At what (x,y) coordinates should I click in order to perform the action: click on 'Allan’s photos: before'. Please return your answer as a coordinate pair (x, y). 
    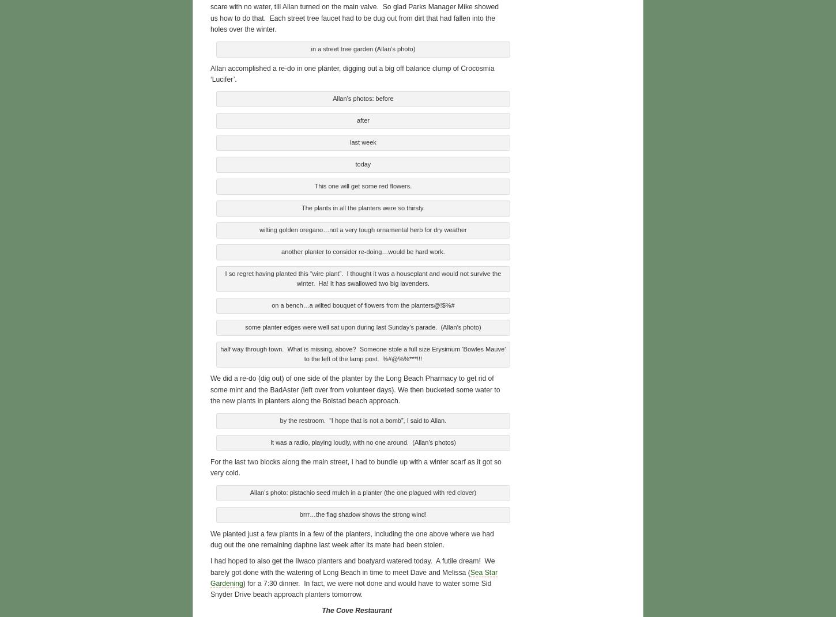
    Looking at the image, I should click on (362, 97).